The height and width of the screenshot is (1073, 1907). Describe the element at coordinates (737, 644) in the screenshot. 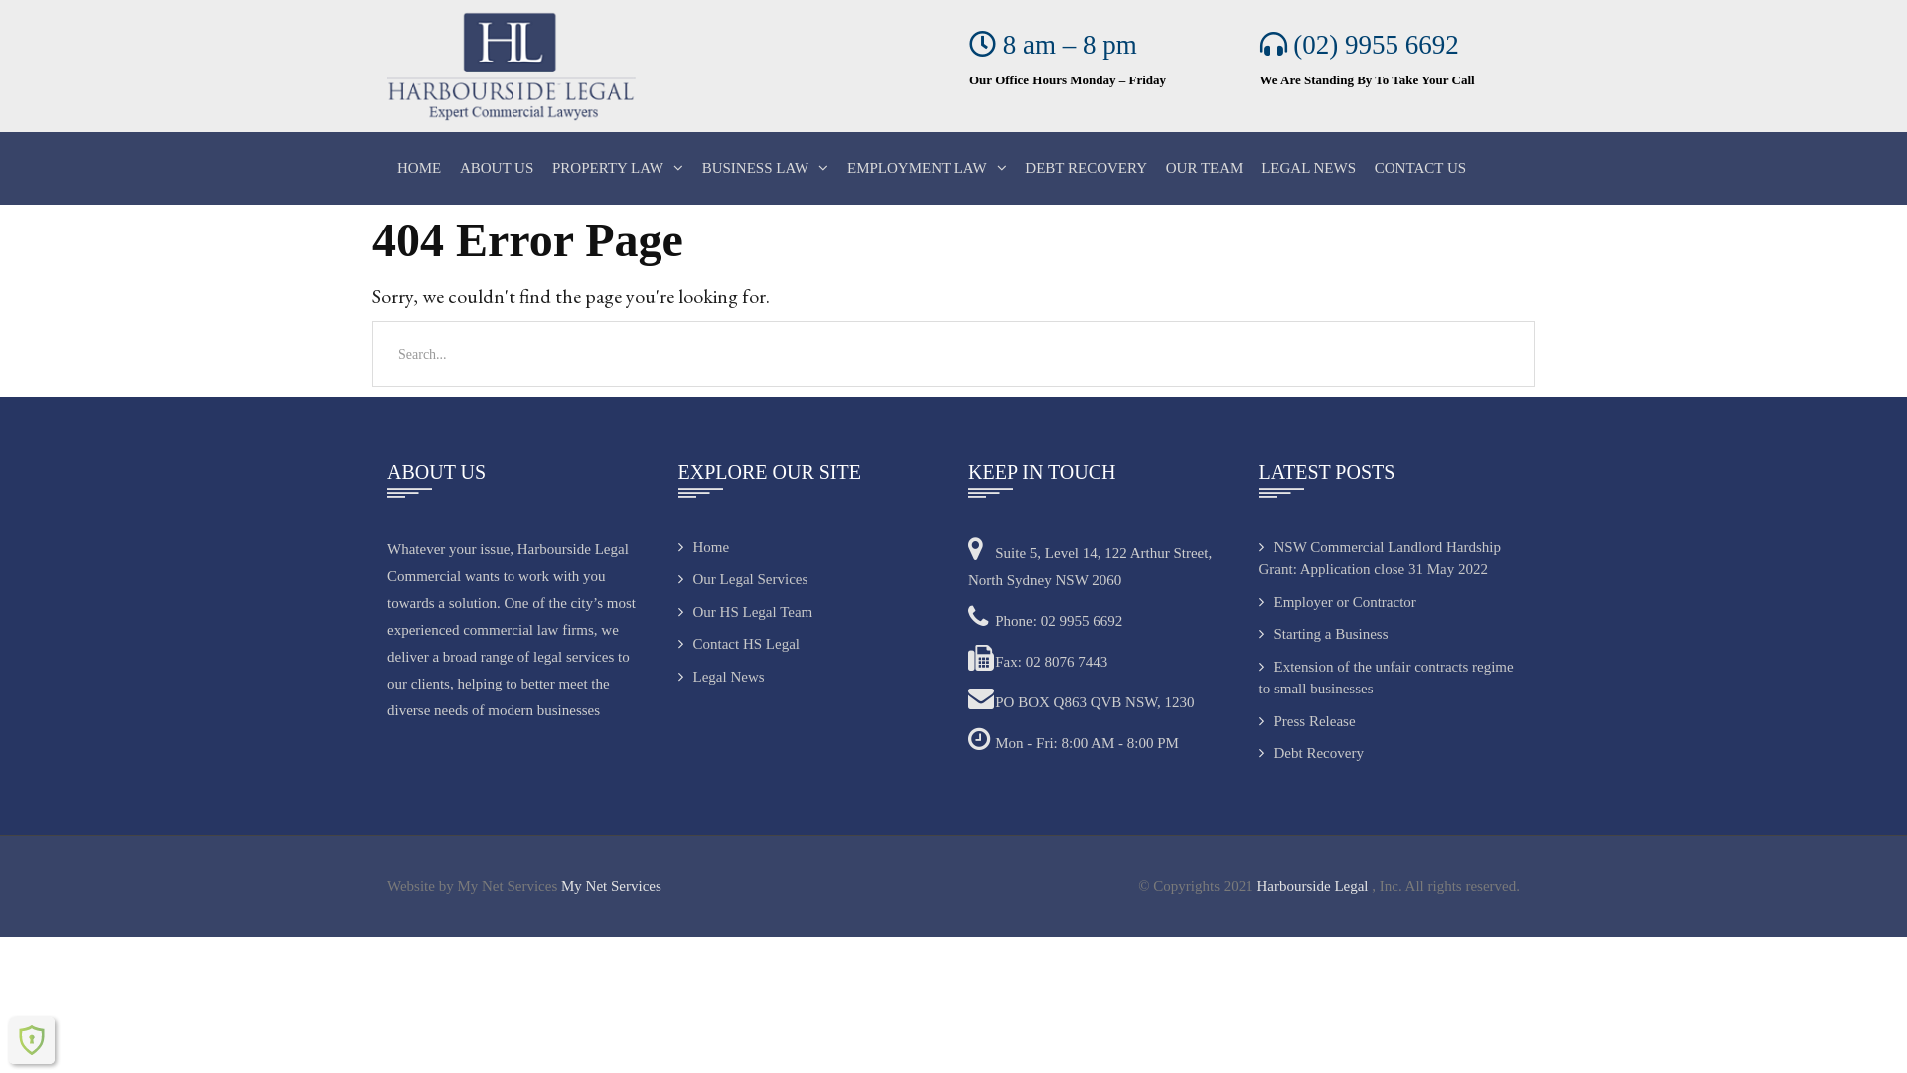

I see `'Contact HS Legal'` at that location.